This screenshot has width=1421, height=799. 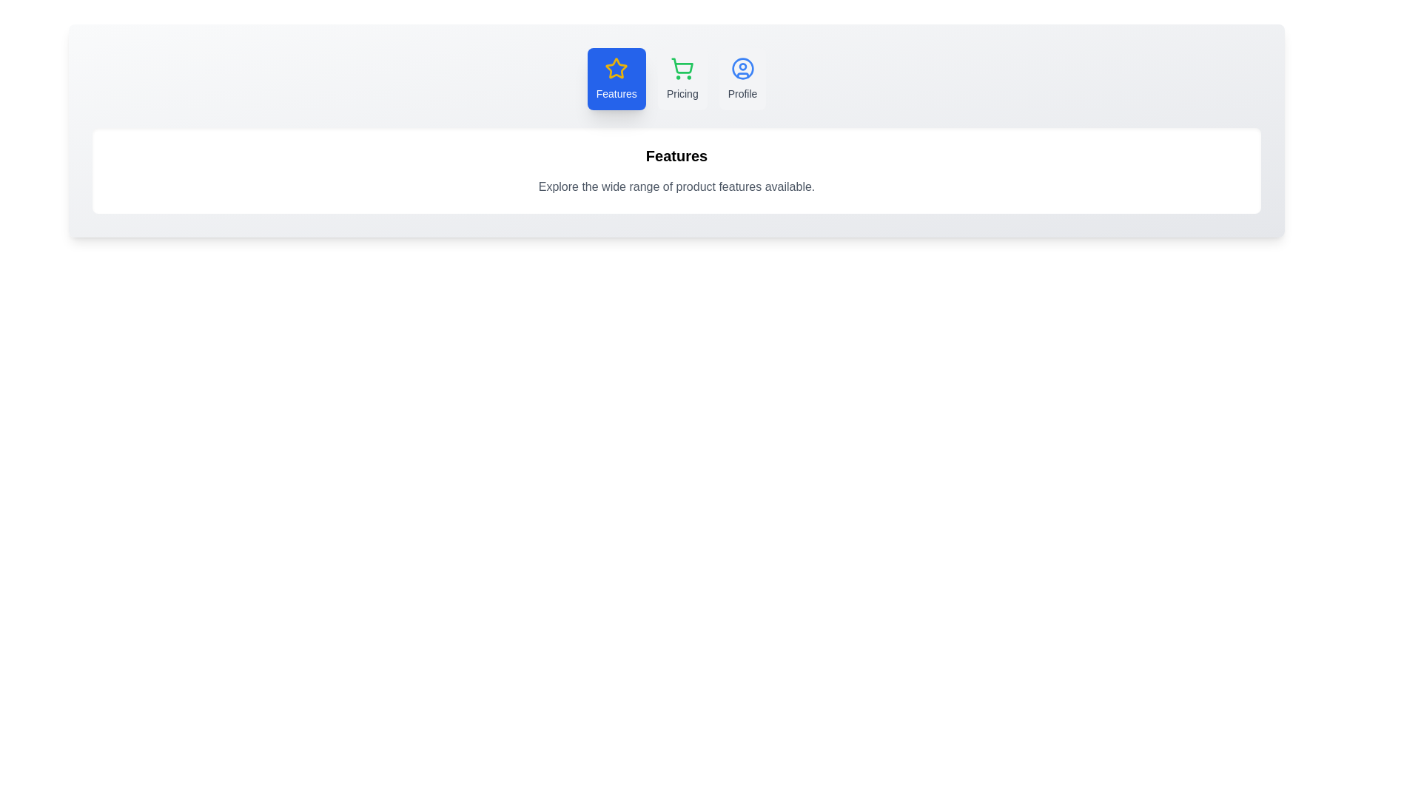 What do you see at coordinates (742, 79) in the screenshot?
I see `the tab labeled Profile by clicking on its button` at bounding box center [742, 79].